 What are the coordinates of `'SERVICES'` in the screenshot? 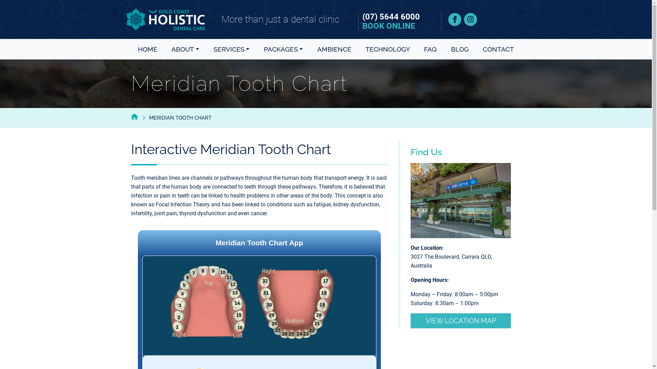 It's located at (231, 49).